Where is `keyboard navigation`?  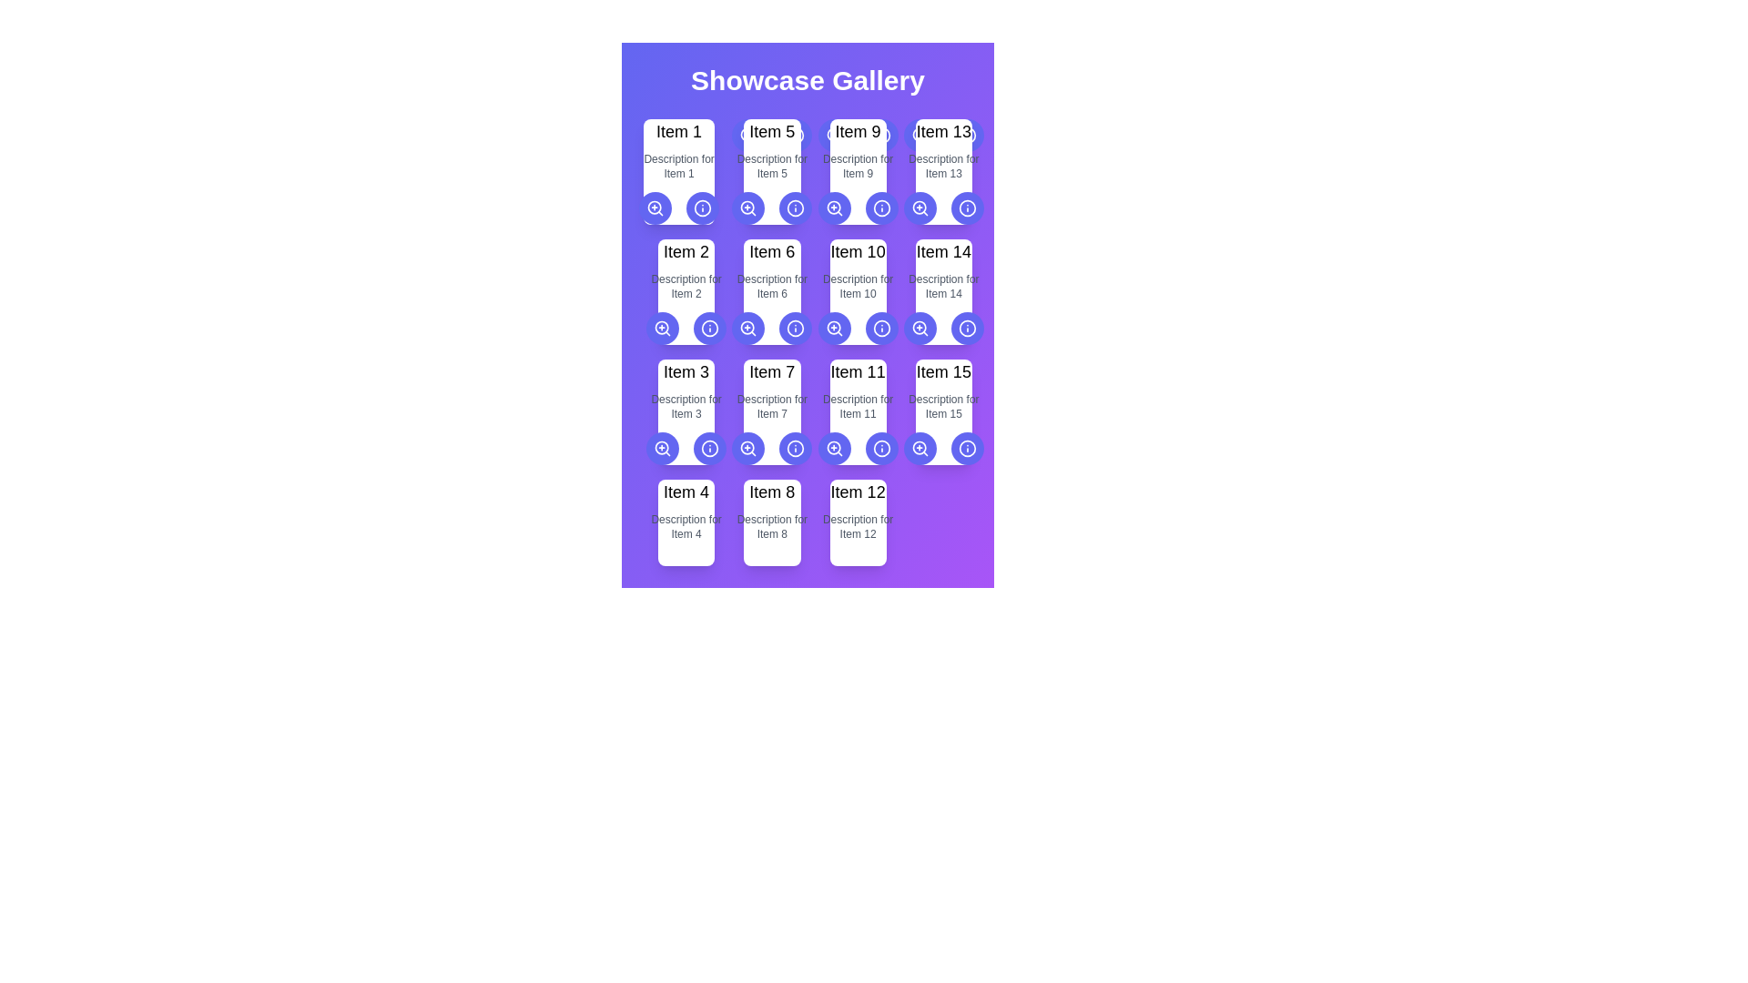
keyboard navigation is located at coordinates (920, 449).